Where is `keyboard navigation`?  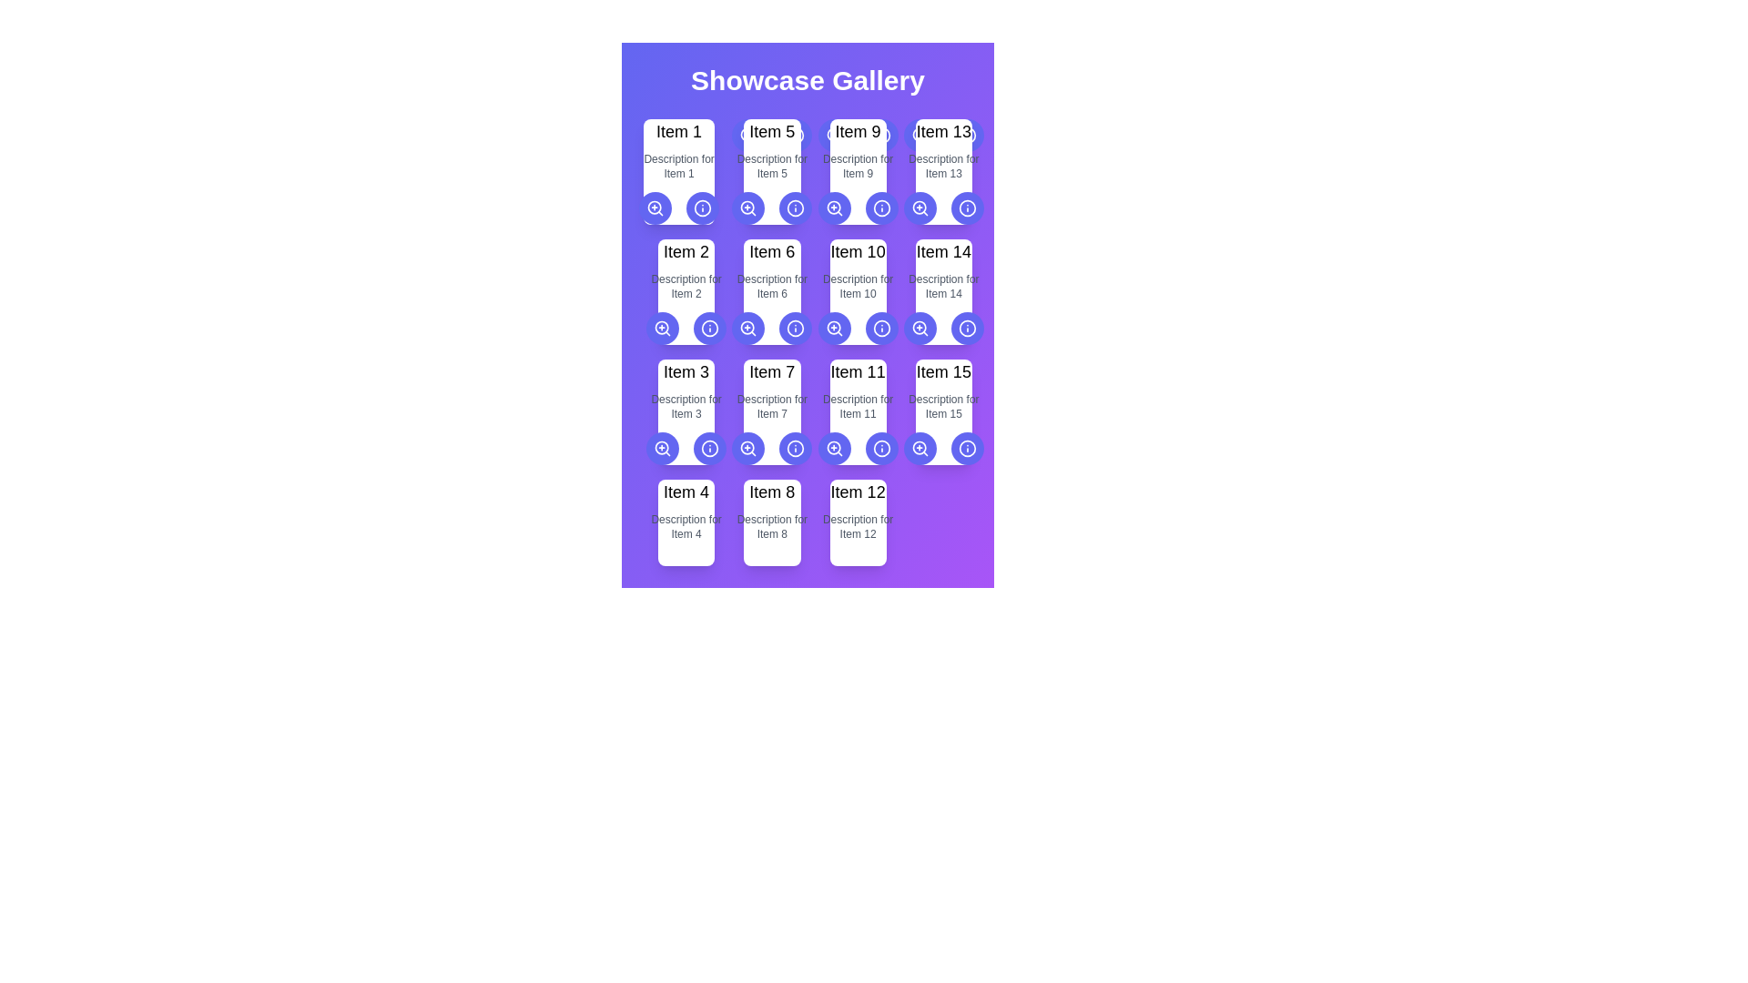
keyboard navigation is located at coordinates (920, 449).